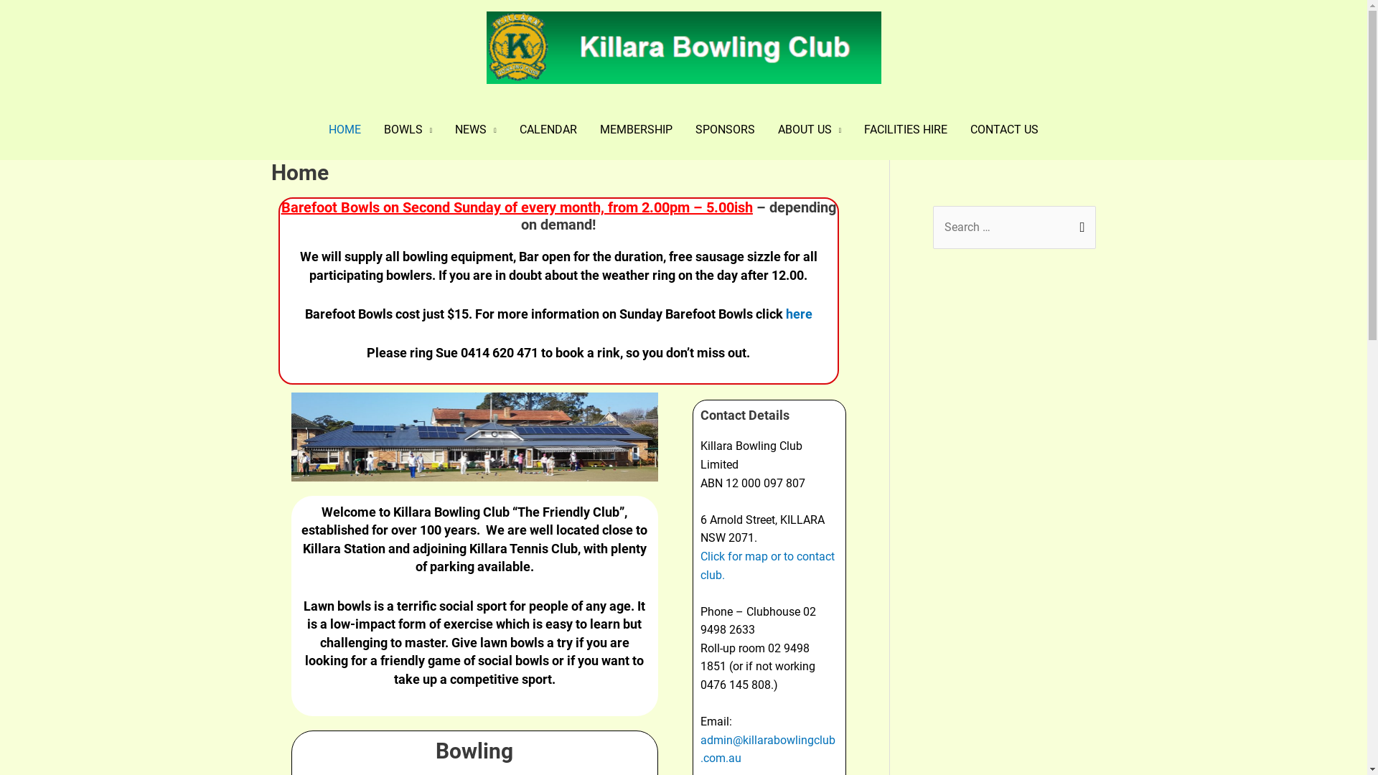 The height and width of the screenshot is (775, 1378). Describe the element at coordinates (853, 130) in the screenshot. I see `'FACILITIES HIRE'` at that location.